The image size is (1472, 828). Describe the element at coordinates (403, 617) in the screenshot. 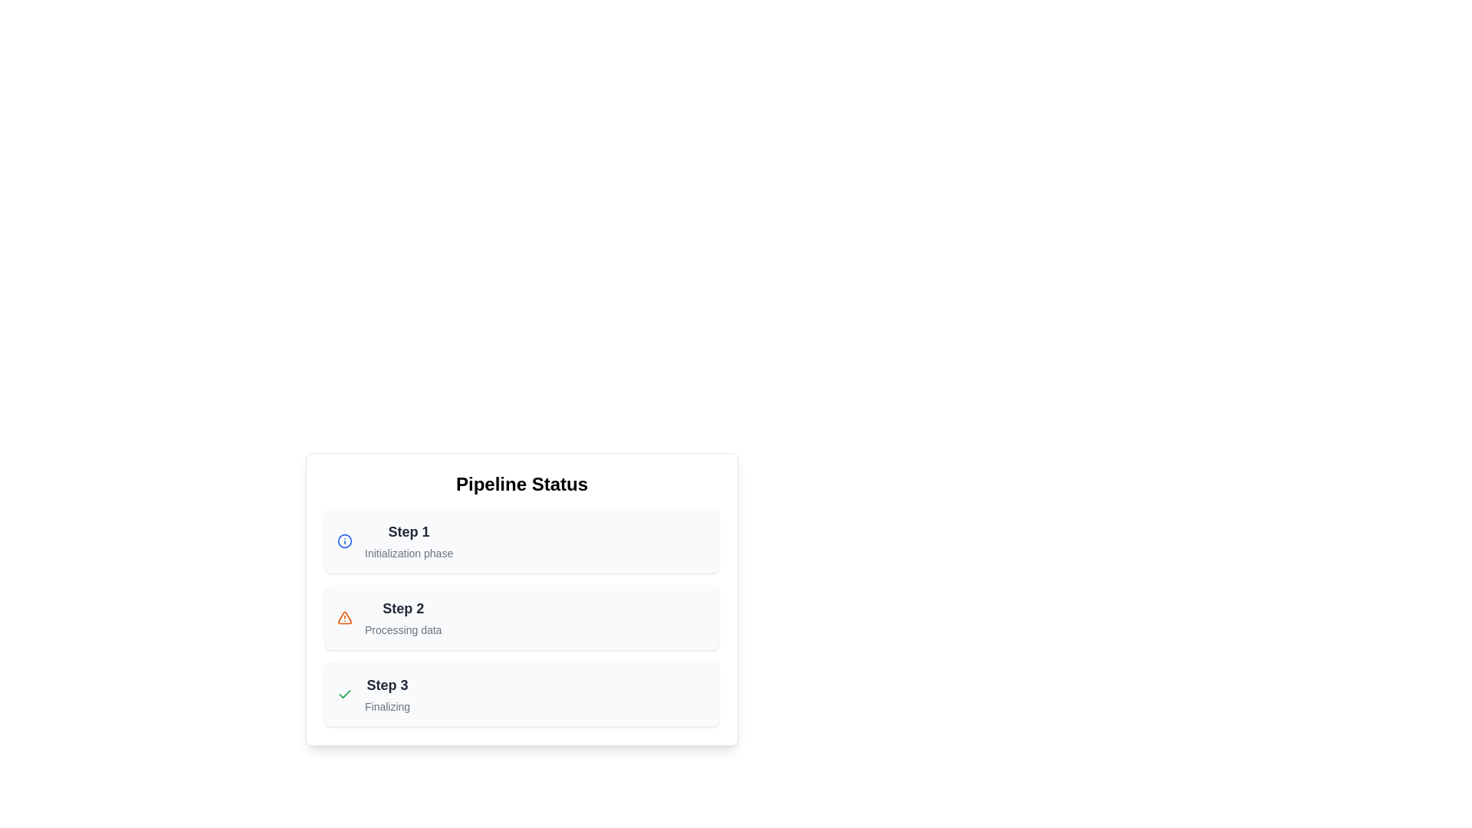

I see `the text label indicating 'Step 2' in the multi-step process visualization, which is styled prominently in bold and larger font with 'Processing data' underneath` at that location.